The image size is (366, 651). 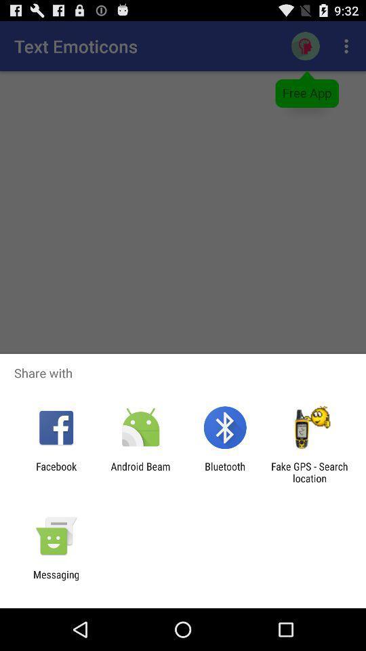 I want to click on facebook icon, so click(x=56, y=472).